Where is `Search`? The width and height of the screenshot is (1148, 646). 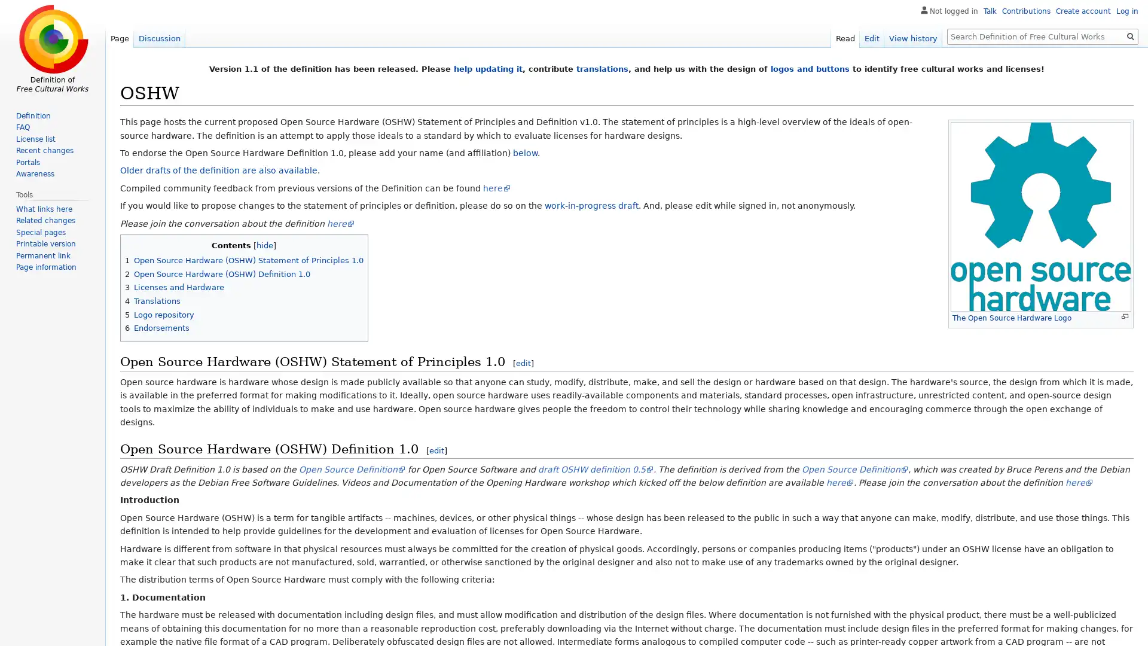 Search is located at coordinates (1130, 36).